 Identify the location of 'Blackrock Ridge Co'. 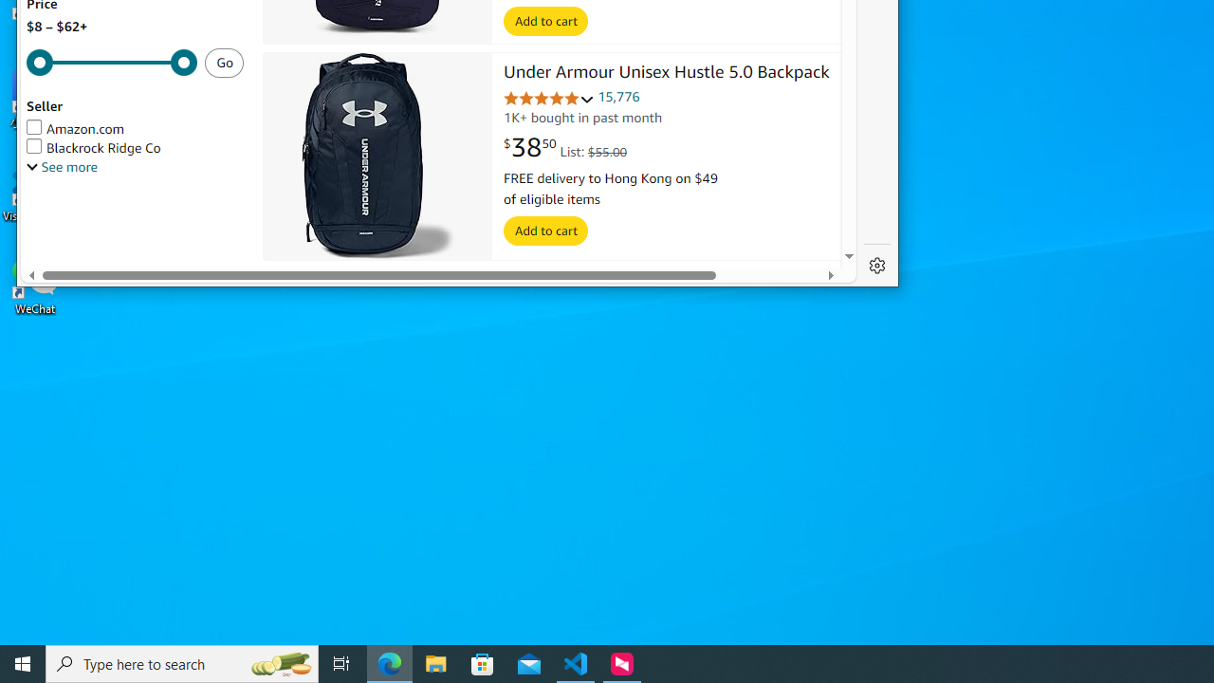
(93, 147).